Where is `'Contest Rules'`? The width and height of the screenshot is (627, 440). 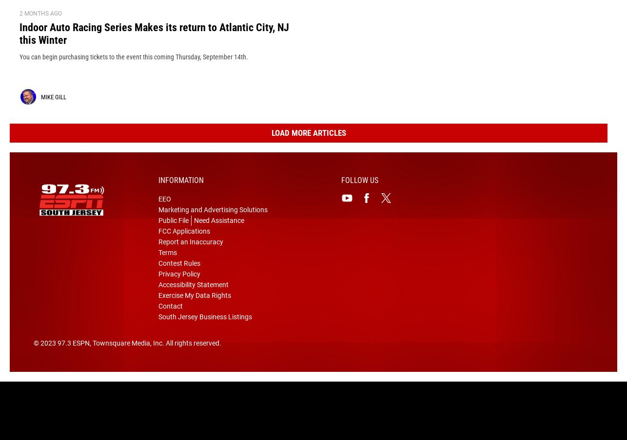 'Contest Rules' is located at coordinates (179, 278).